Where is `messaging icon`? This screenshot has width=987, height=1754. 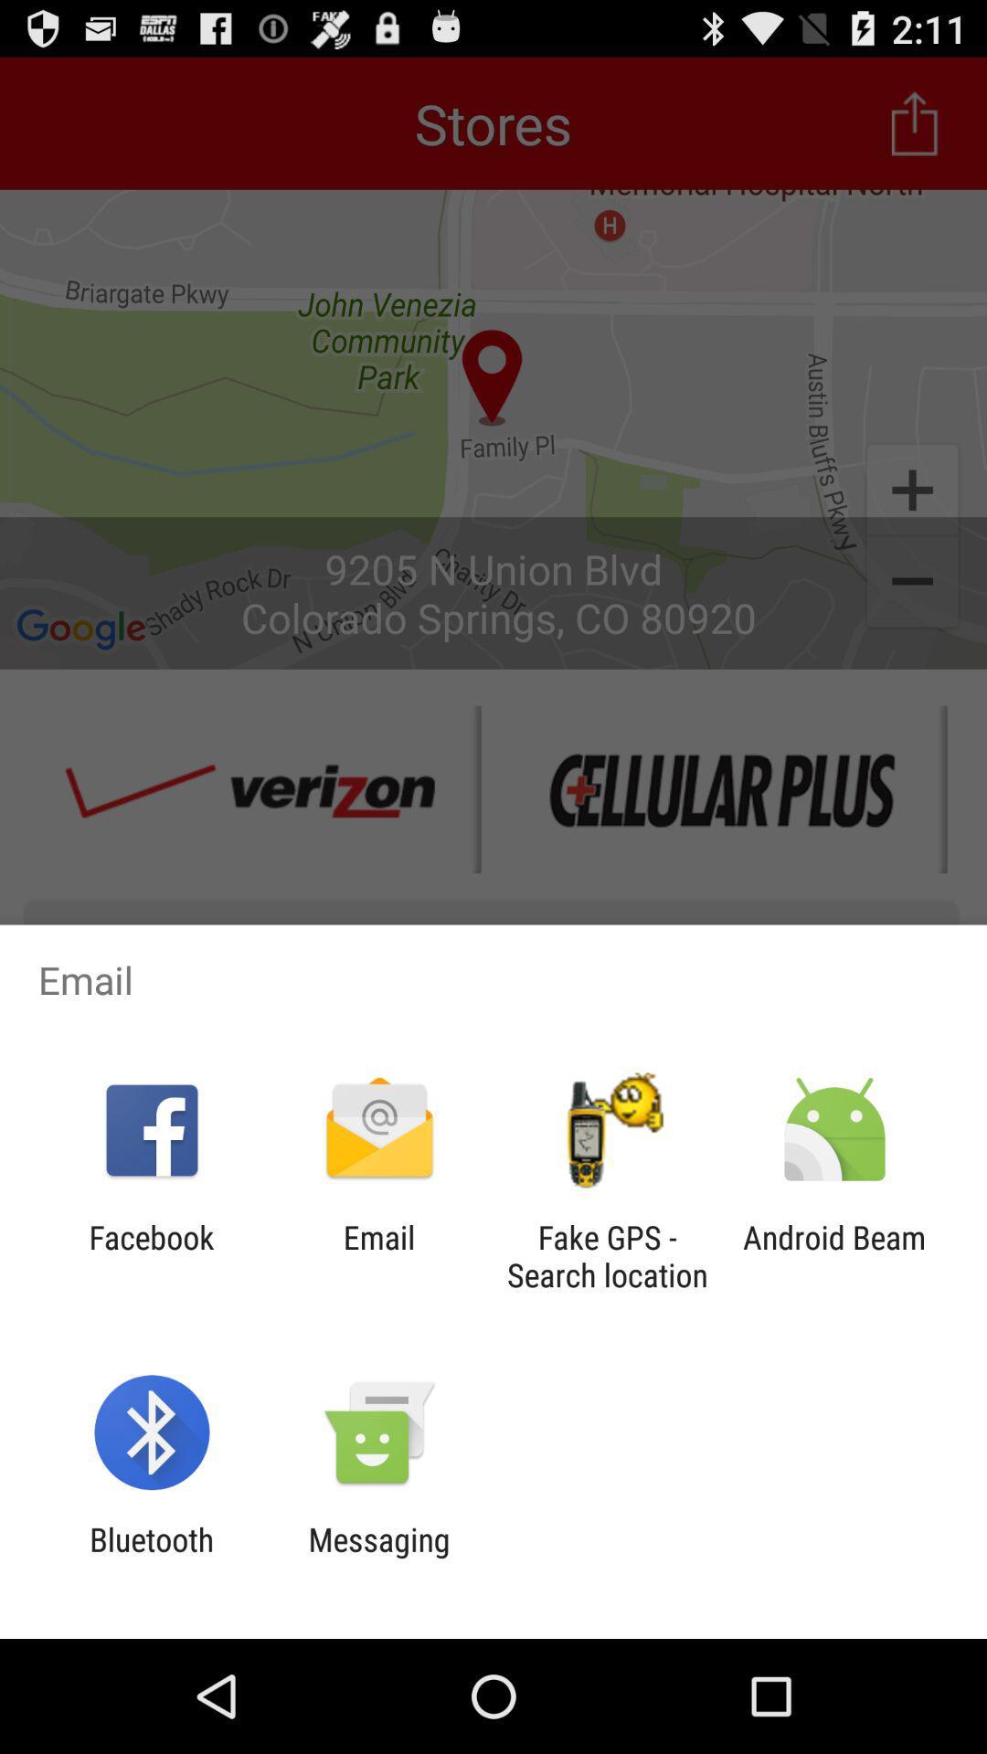
messaging icon is located at coordinates (378, 1558).